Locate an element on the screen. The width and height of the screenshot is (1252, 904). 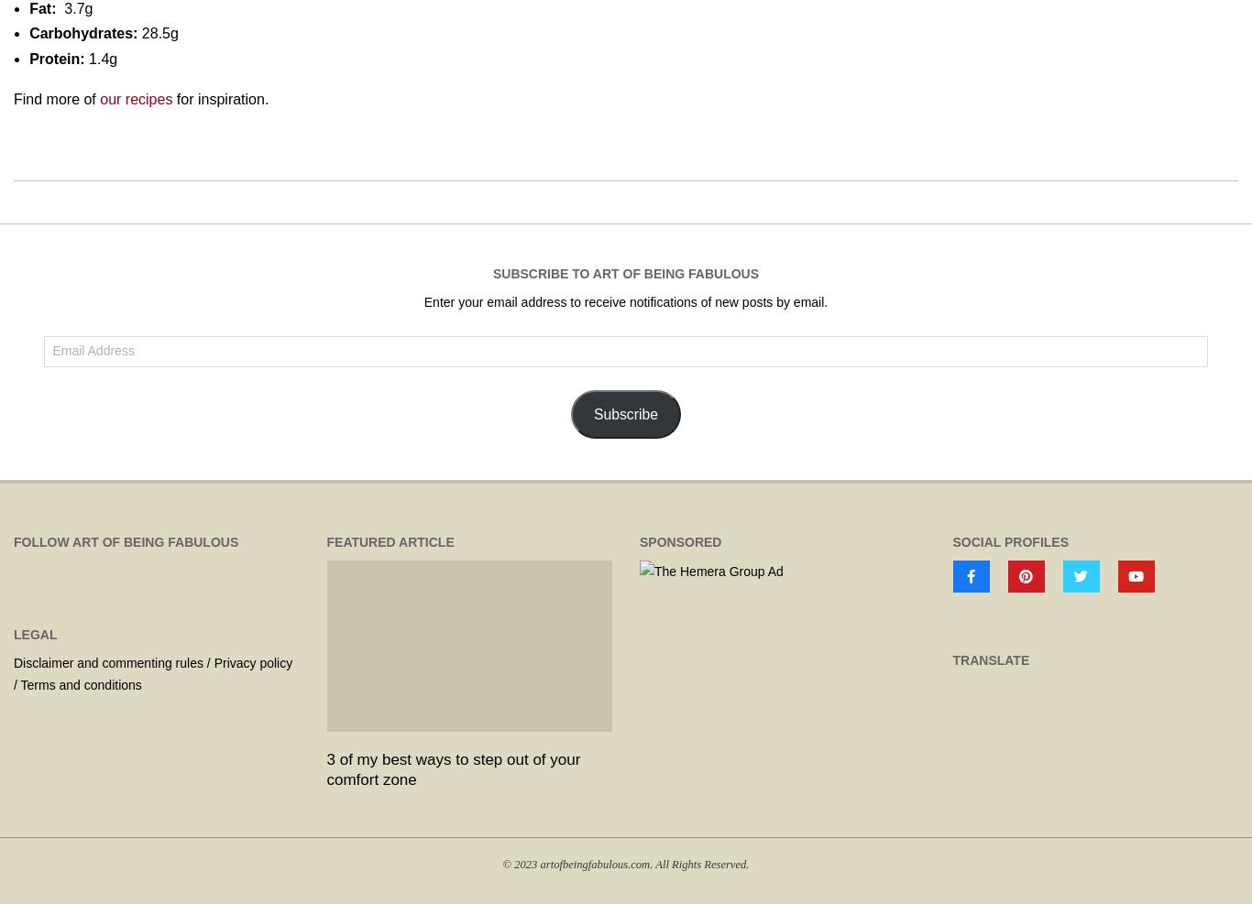
'28.5g' is located at coordinates (156, 32).